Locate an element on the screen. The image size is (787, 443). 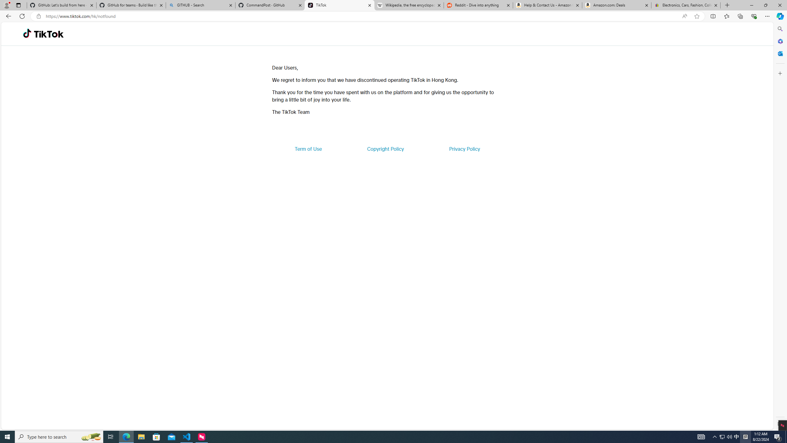
'GITHUB - Search' is located at coordinates (200, 5).